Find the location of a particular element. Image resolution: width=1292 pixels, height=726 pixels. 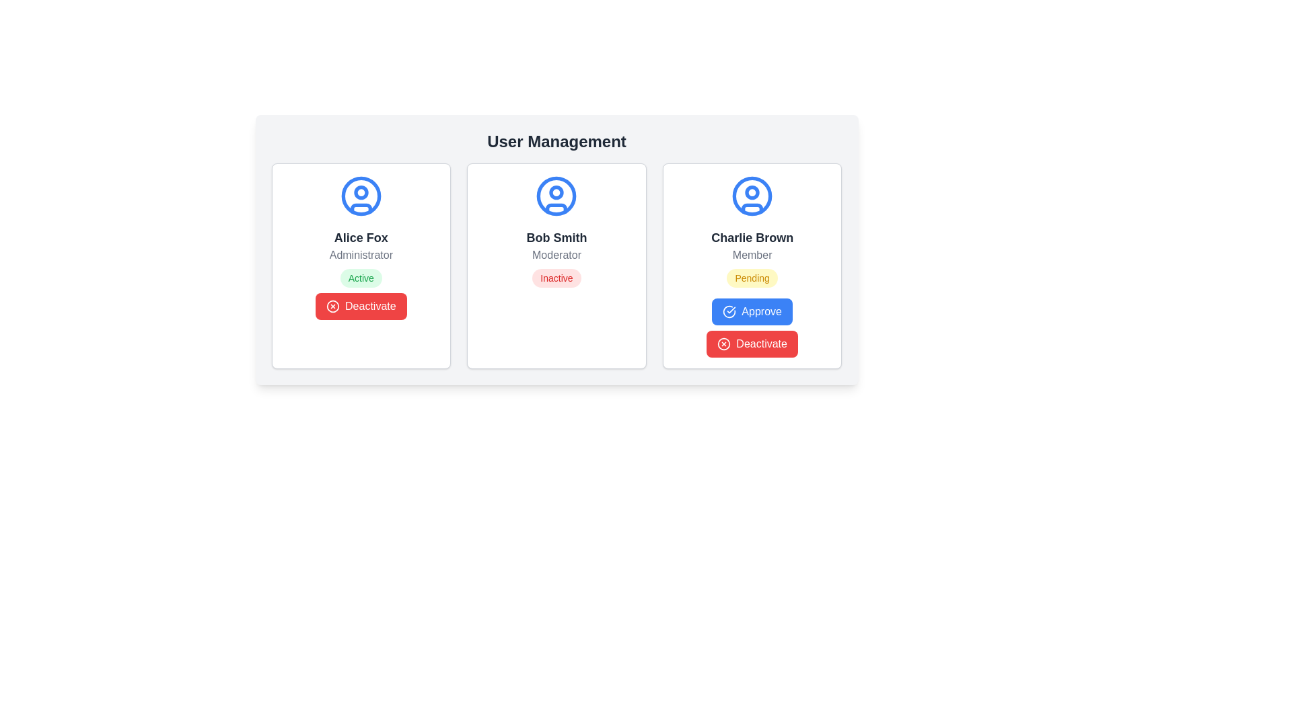

the SVG Circle element representing the user avatar icon located in the upper-left card of the 'User Management' section is located at coordinates (361, 192).